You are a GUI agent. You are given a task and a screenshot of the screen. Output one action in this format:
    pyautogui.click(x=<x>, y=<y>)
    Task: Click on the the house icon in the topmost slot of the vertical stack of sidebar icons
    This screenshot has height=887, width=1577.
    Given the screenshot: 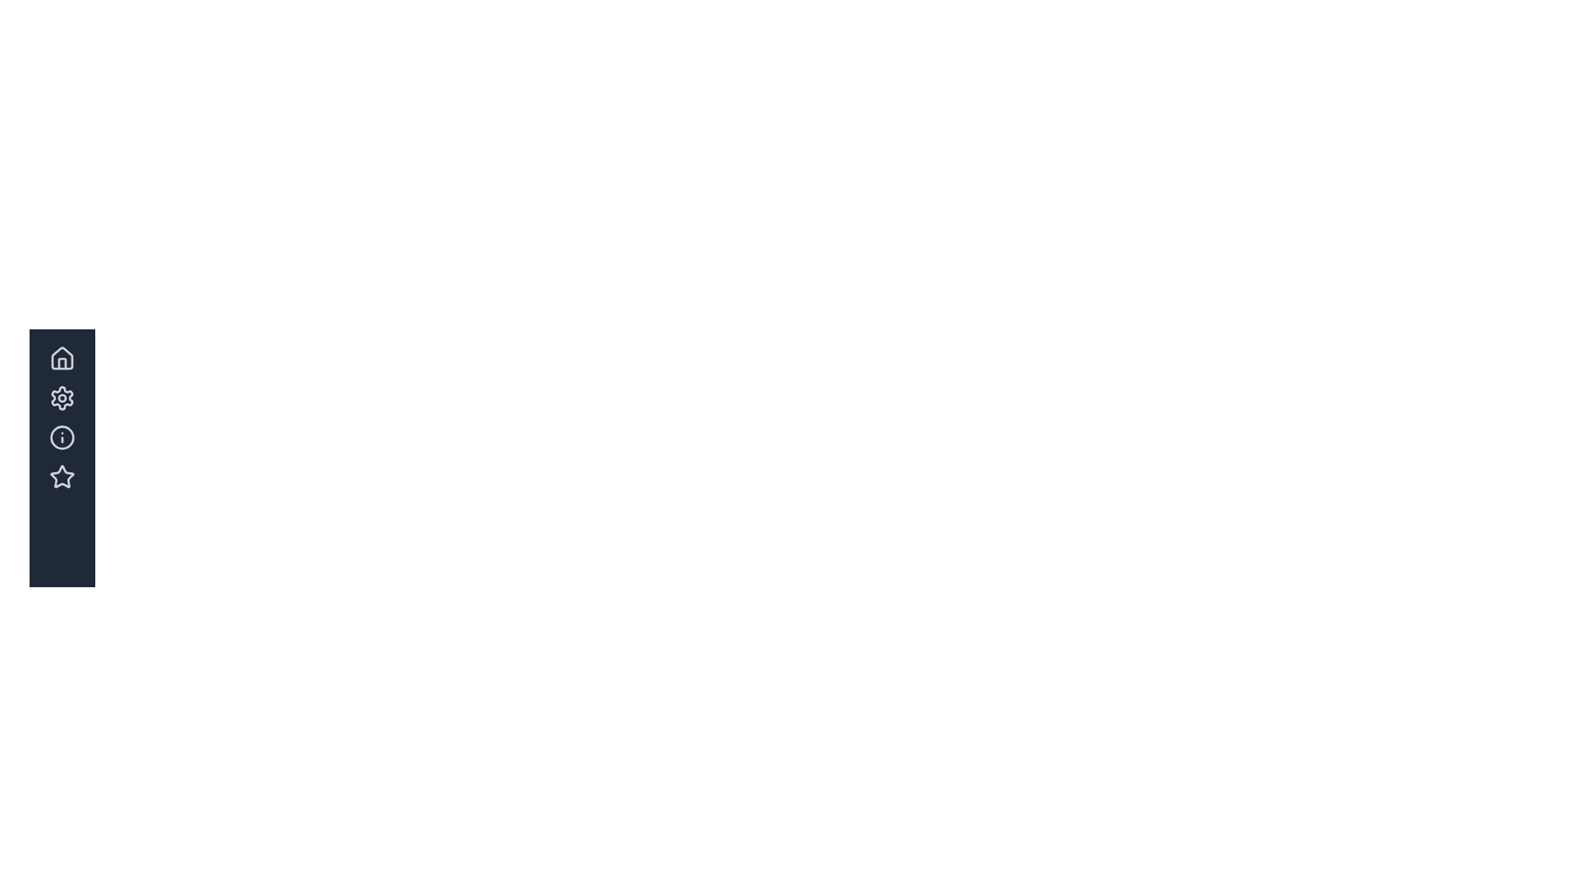 What is the action you would take?
    pyautogui.click(x=62, y=356)
    